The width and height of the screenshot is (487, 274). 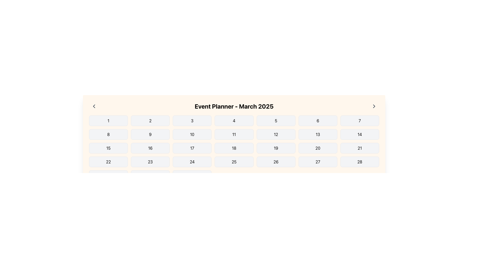 I want to click on the button labeled '3' in the Event Planner - March 2025 grid, so click(x=192, y=121).